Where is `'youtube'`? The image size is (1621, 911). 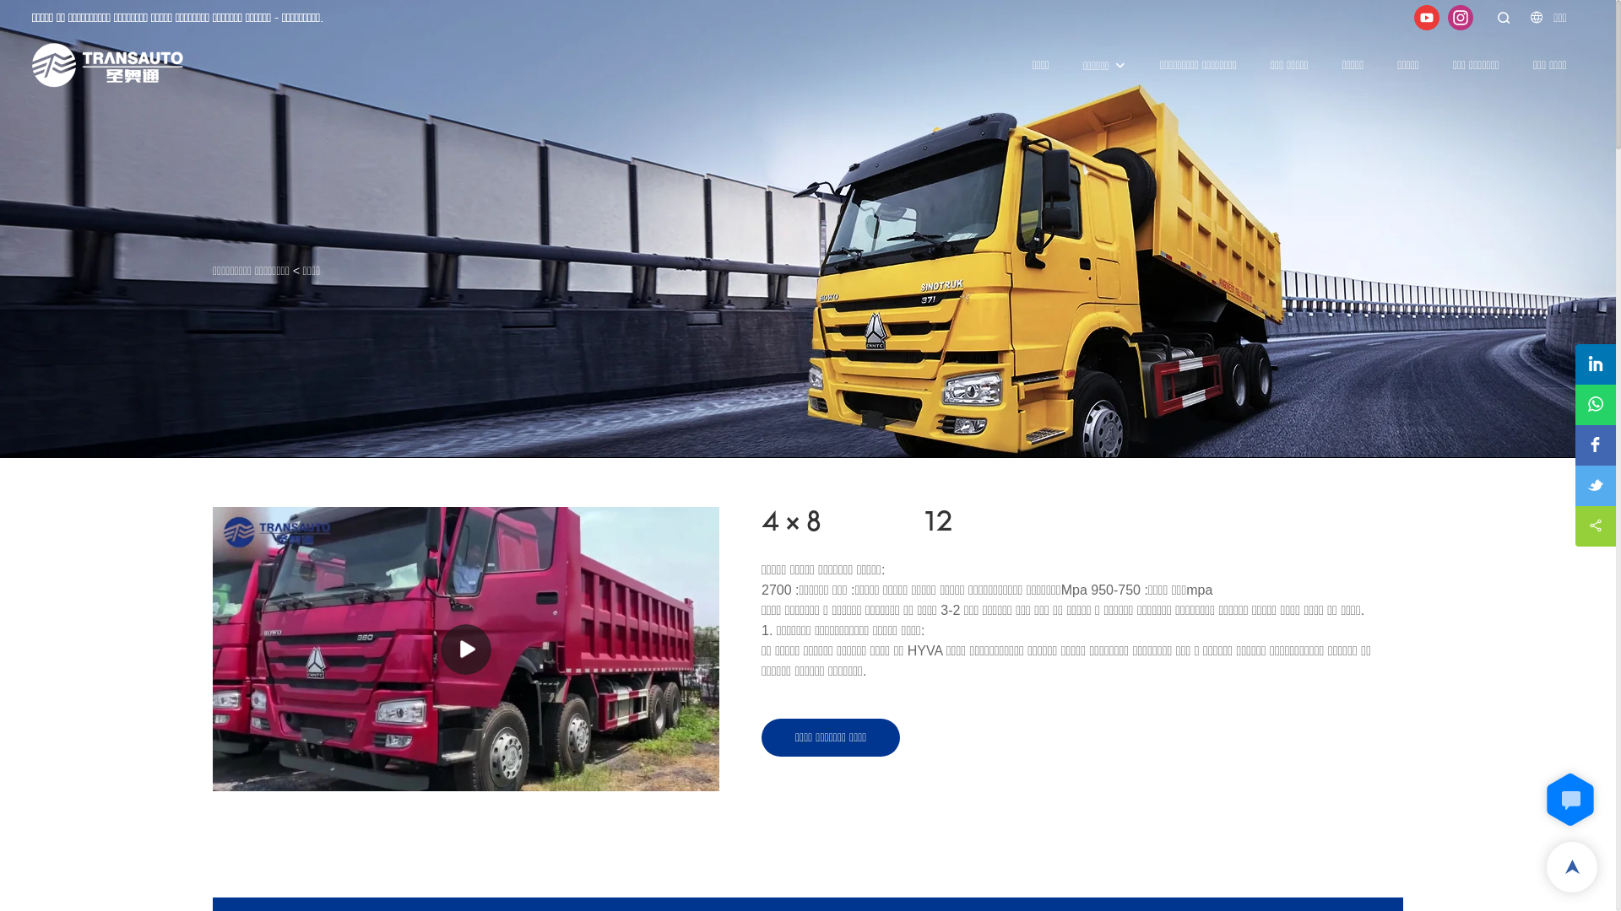
'youtube' is located at coordinates (1425, 16).